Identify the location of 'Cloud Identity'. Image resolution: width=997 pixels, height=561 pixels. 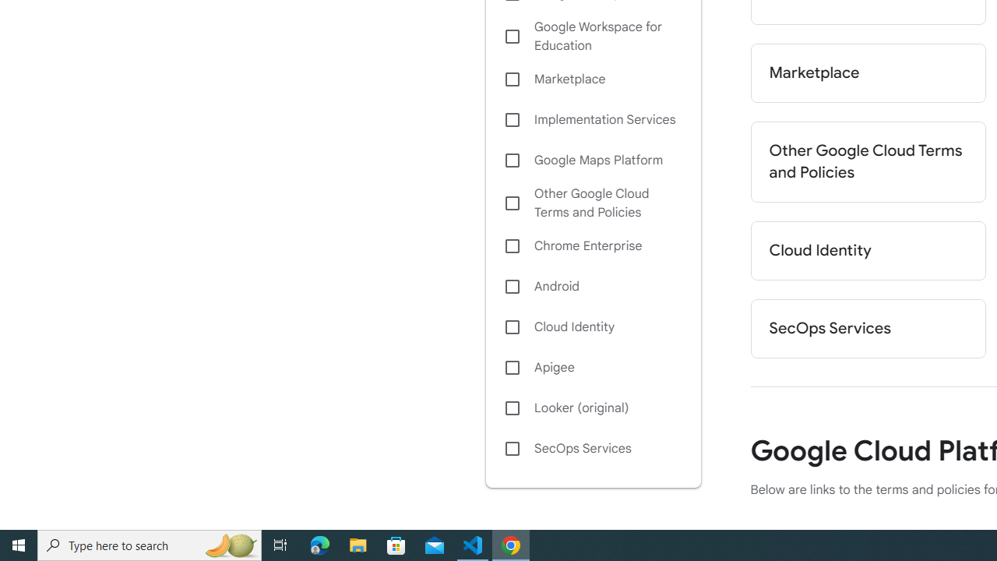
(592, 326).